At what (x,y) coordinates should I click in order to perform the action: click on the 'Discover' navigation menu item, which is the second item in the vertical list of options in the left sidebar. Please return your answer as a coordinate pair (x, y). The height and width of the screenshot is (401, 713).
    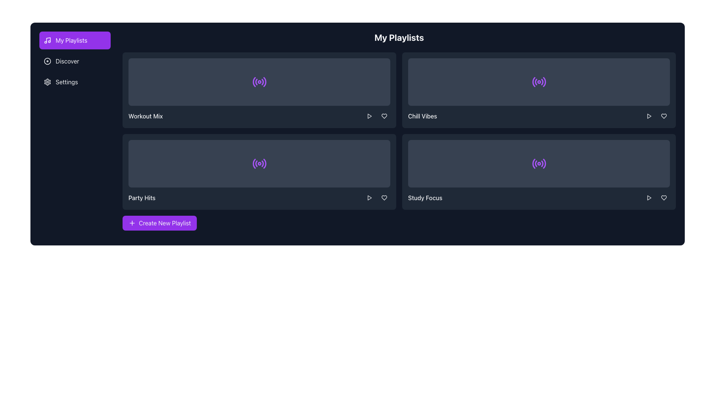
    Looking at the image, I should click on (75, 61).